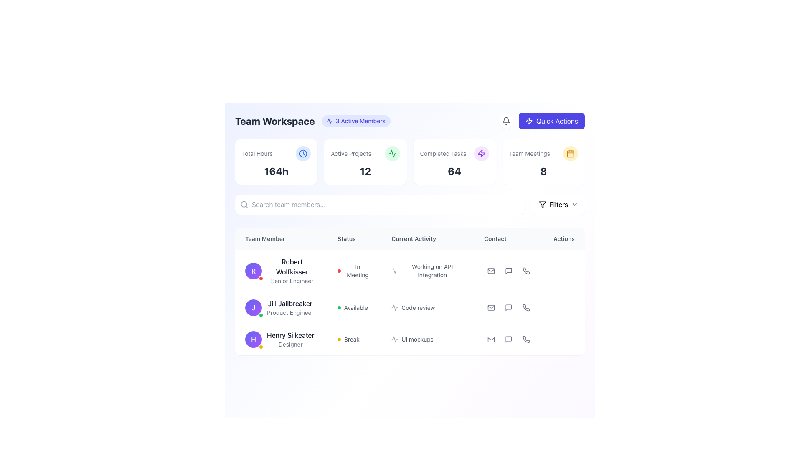  I want to click on the interactive button located in the 'Actions' column on the rightmost side of the first row in the team members' information table, so click(564, 271).